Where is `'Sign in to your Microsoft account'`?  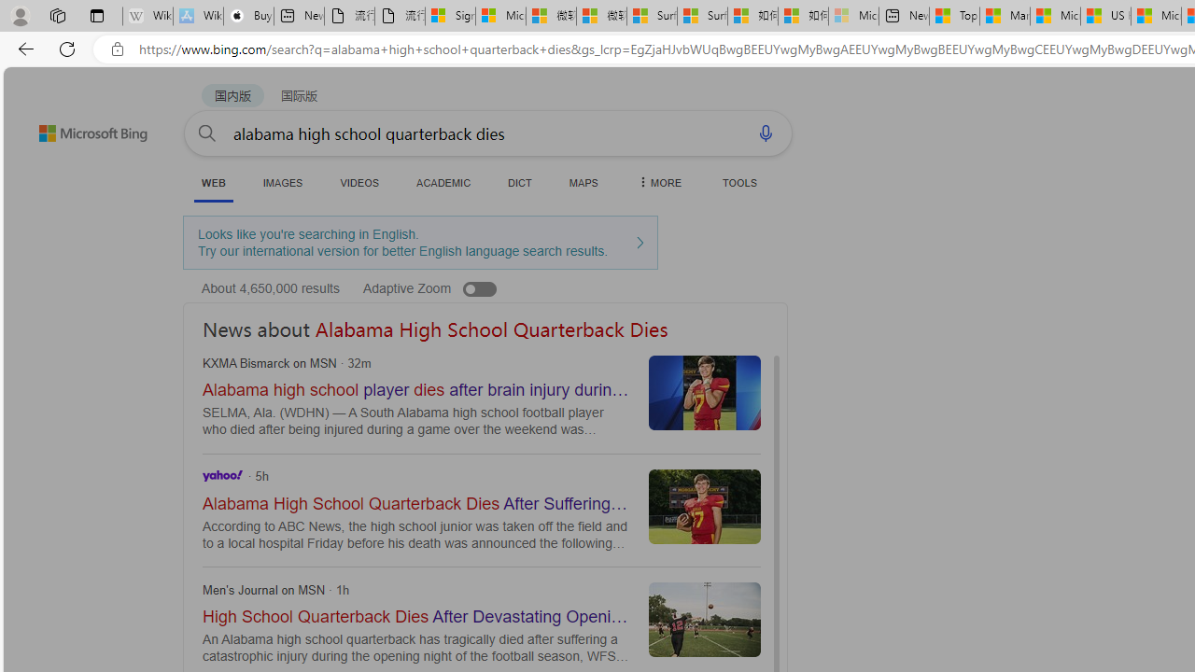 'Sign in to your Microsoft account' is located at coordinates (450, 16).